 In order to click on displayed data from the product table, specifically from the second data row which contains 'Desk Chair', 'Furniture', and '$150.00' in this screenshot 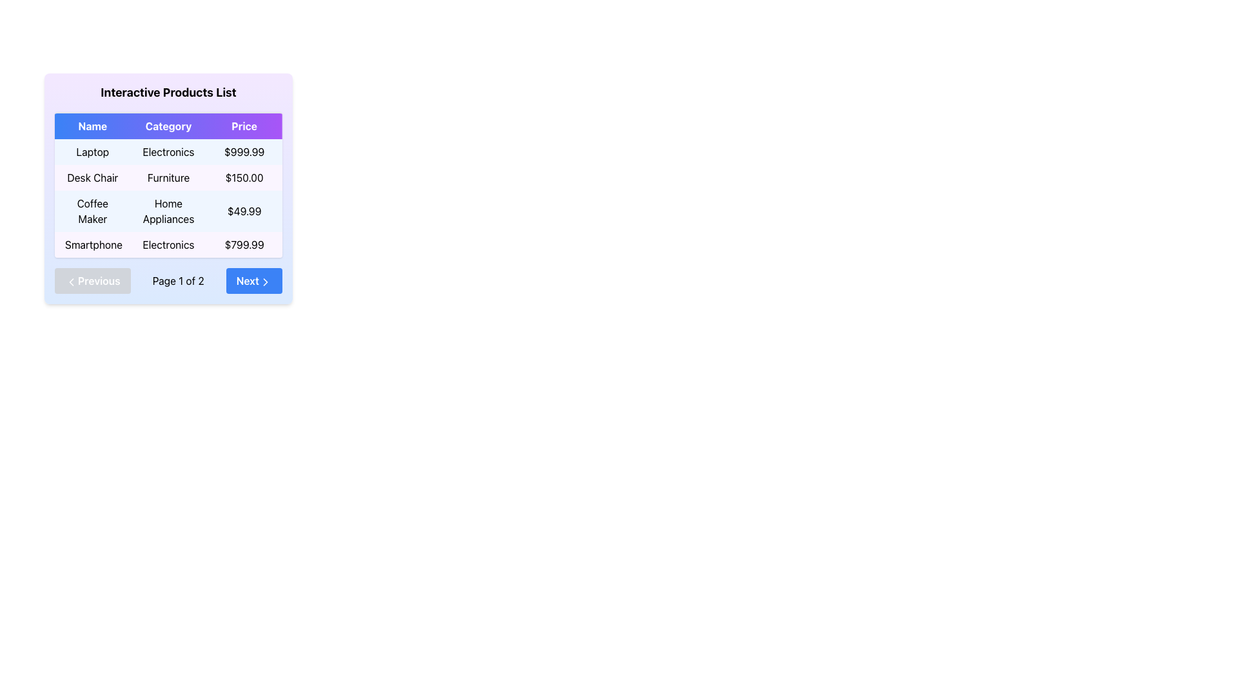, I will do `click(168, 186)`.